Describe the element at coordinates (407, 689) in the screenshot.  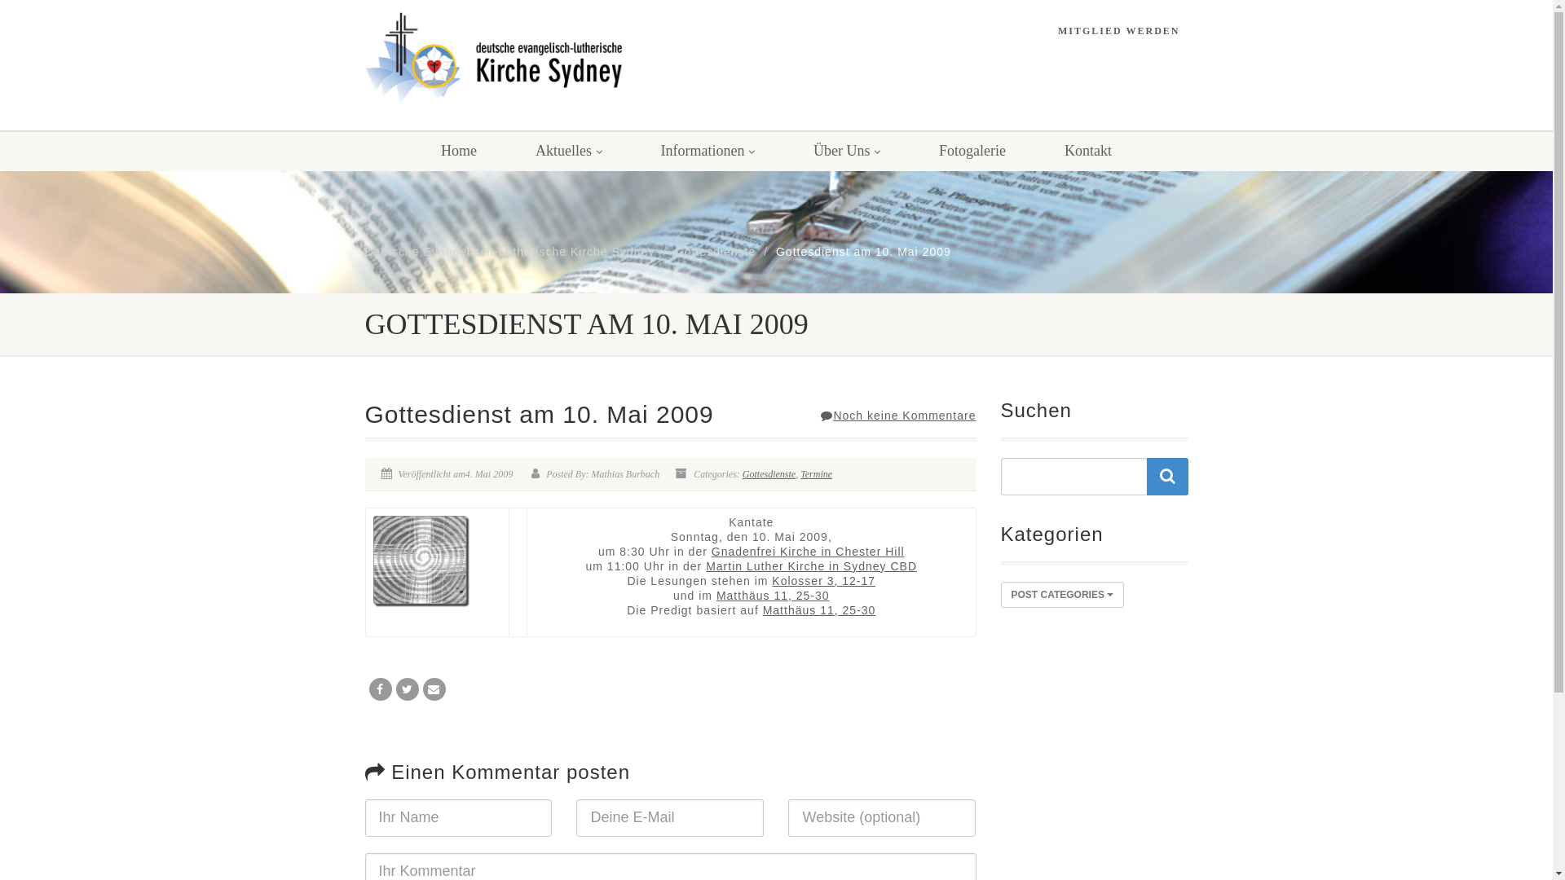
I see `'Tweet'` at that location.